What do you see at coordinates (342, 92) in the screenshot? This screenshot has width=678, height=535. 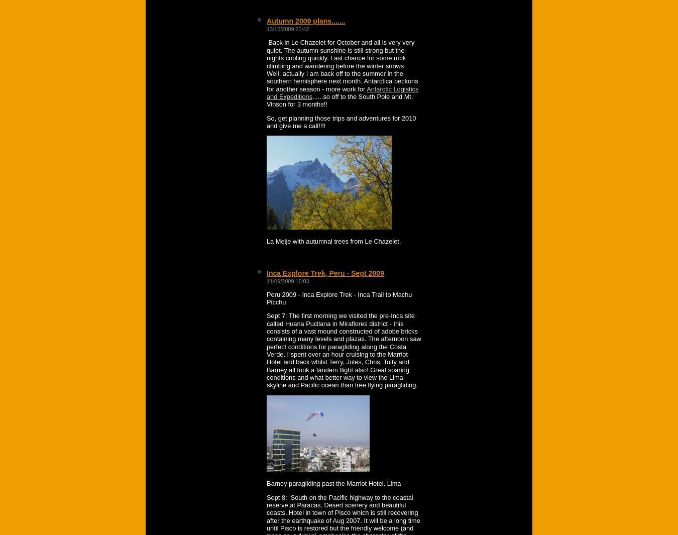 I see `'Antarctic Logistics and Expeditions'` at bounding box center [342, 92].